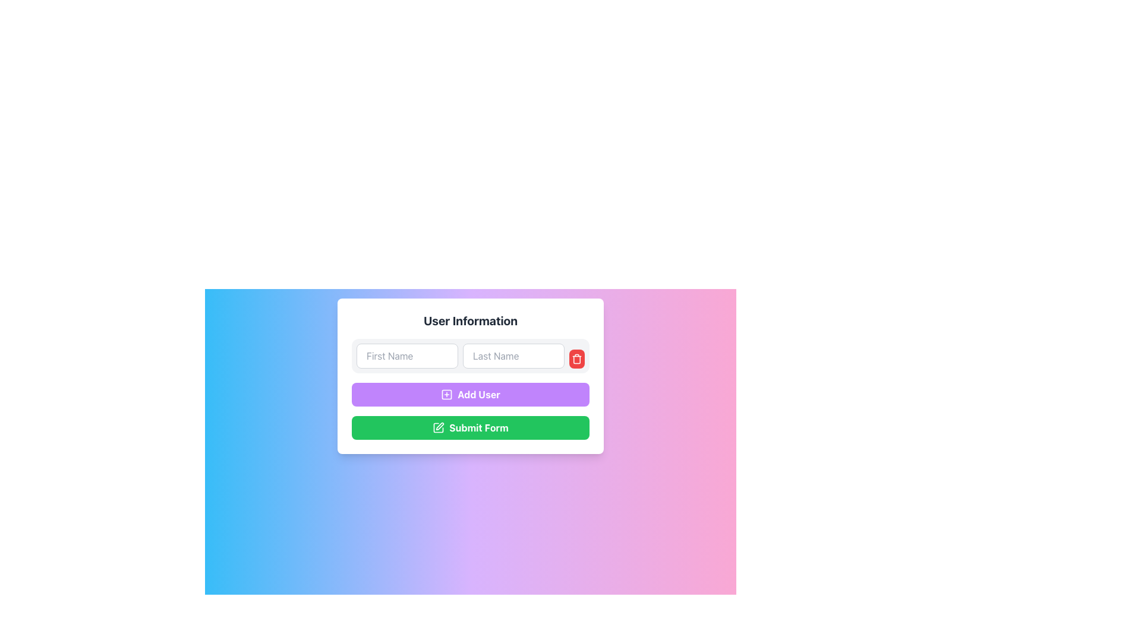  What do you see at coordinates (470, 394) in the screenshot?
I see `the 'Add User' button located centrally within the form area, positioned between the input fields for first and last name above and the 'Submit Form' button below` at bounding box center [470, 394].